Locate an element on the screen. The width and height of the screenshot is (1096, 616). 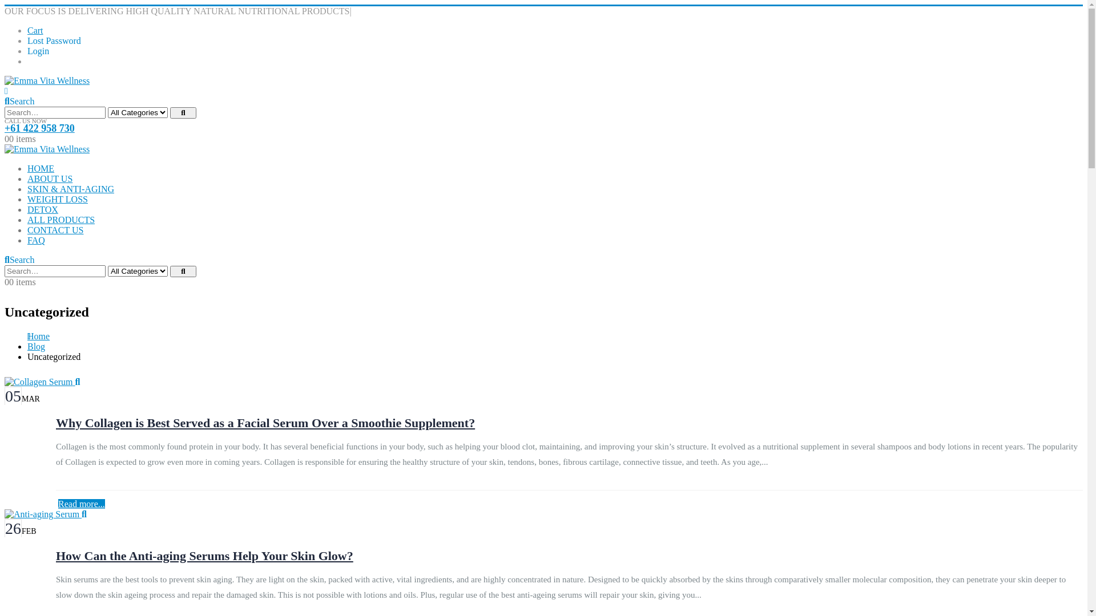
'CONTACT US' is located at coordinates (54, 230).